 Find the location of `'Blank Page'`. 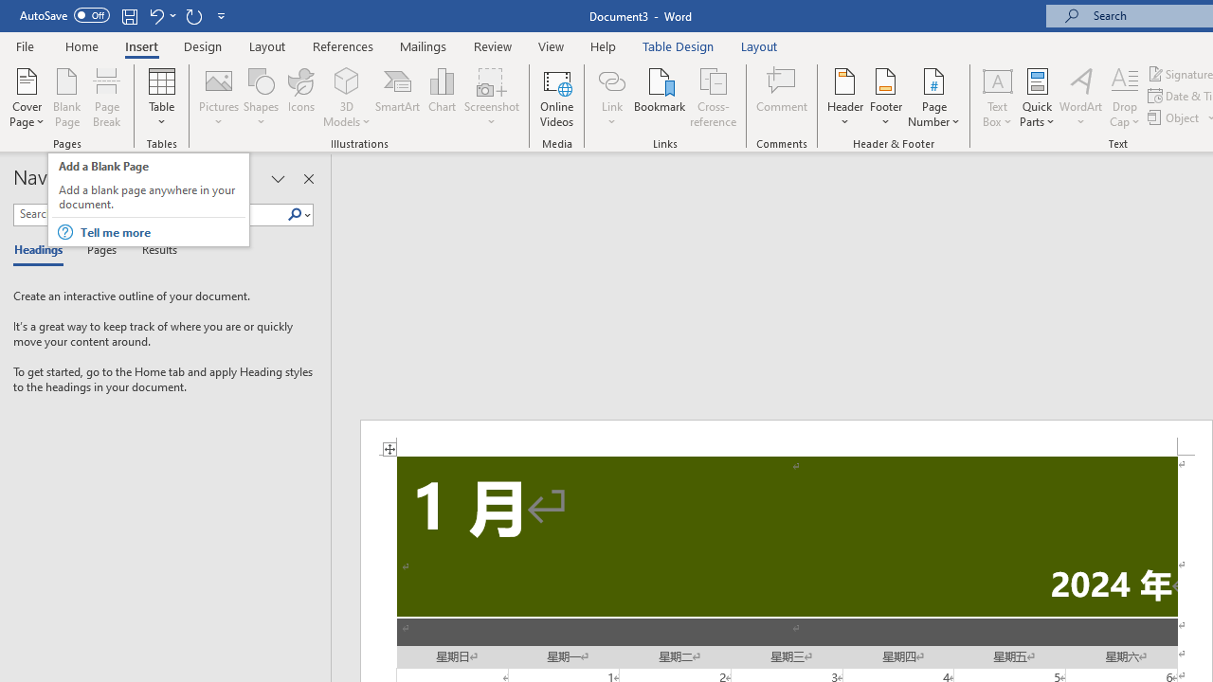

'Blank Page' is located at coordinates (67, 98).